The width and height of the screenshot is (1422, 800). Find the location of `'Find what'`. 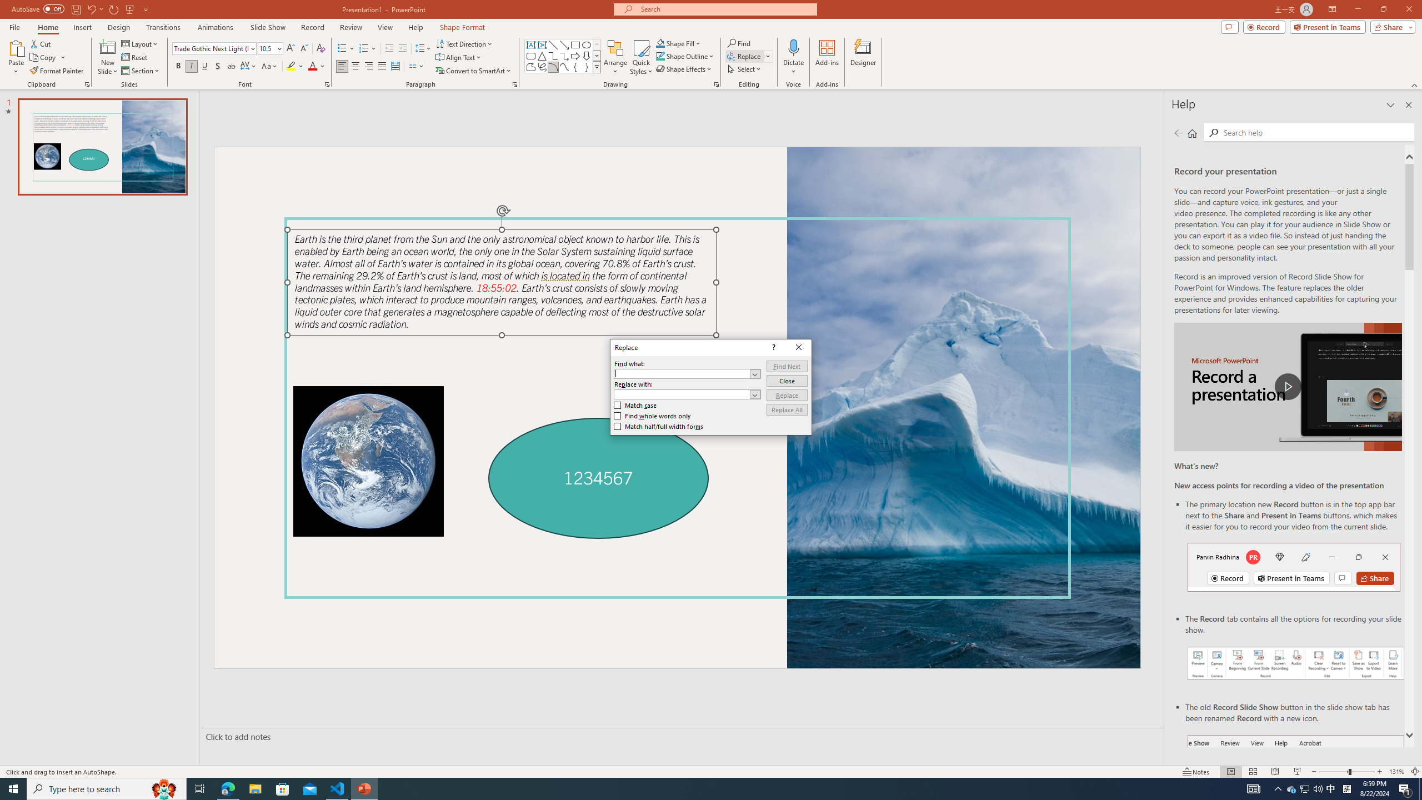

'Find what' is located at coordinates (687, 374).